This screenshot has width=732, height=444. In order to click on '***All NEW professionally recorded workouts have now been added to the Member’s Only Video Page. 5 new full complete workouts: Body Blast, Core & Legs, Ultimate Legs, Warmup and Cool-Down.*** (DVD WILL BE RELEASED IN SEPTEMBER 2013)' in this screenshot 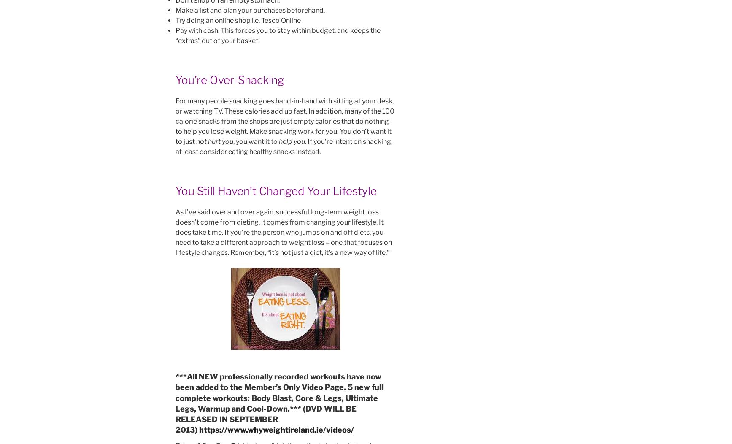, I will do `click(279, 403)`.